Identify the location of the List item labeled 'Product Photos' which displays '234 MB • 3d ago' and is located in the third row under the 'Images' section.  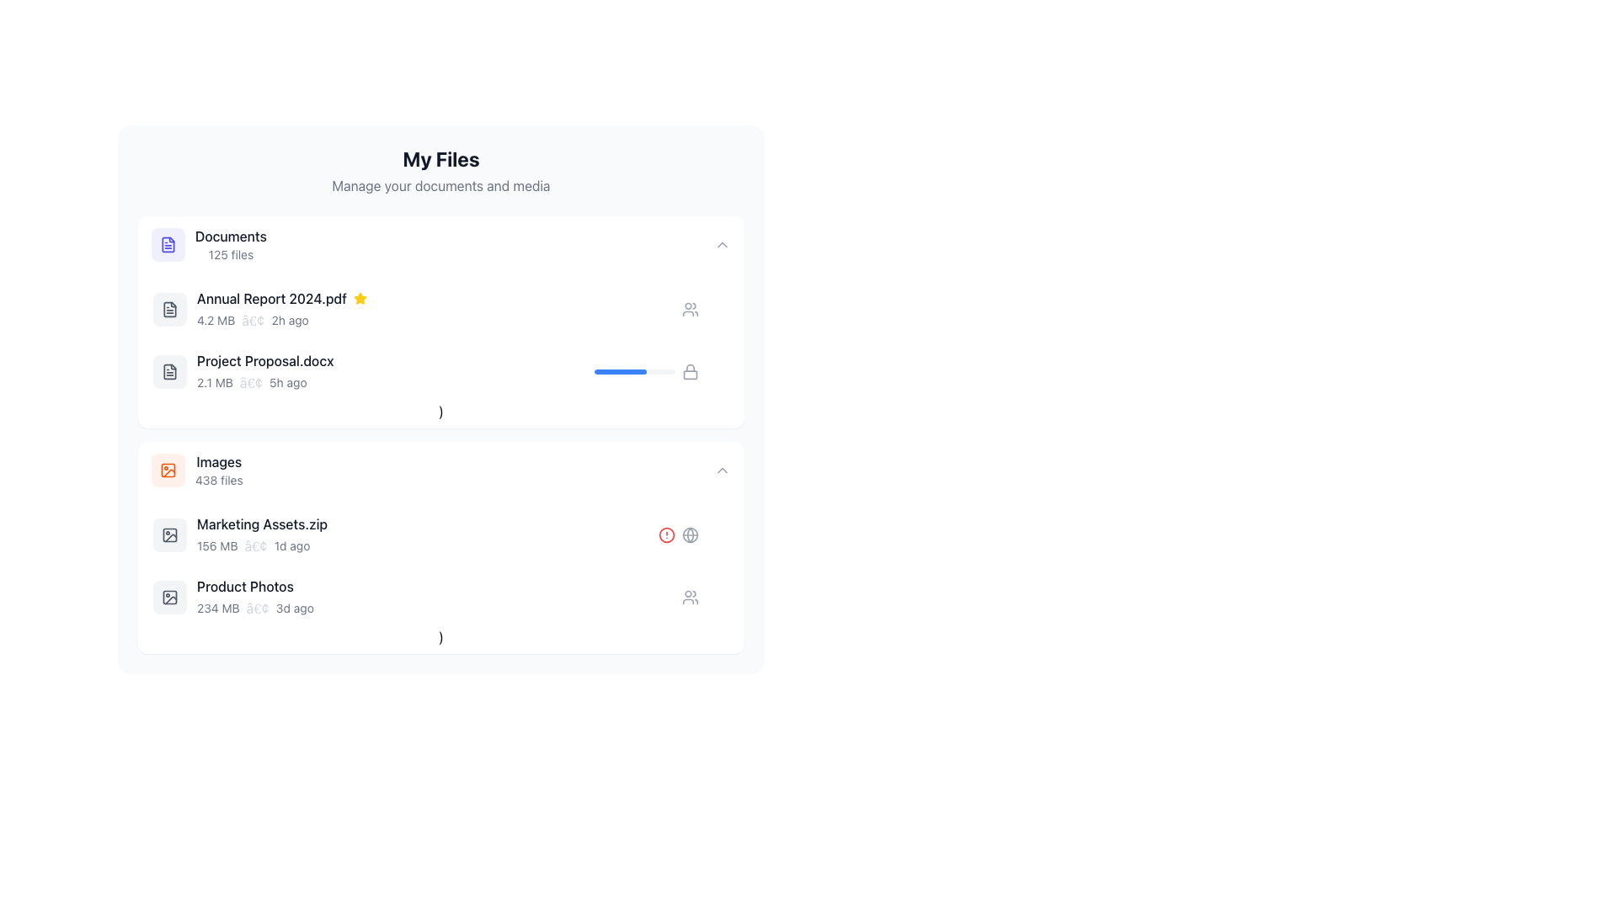
(440, 596).